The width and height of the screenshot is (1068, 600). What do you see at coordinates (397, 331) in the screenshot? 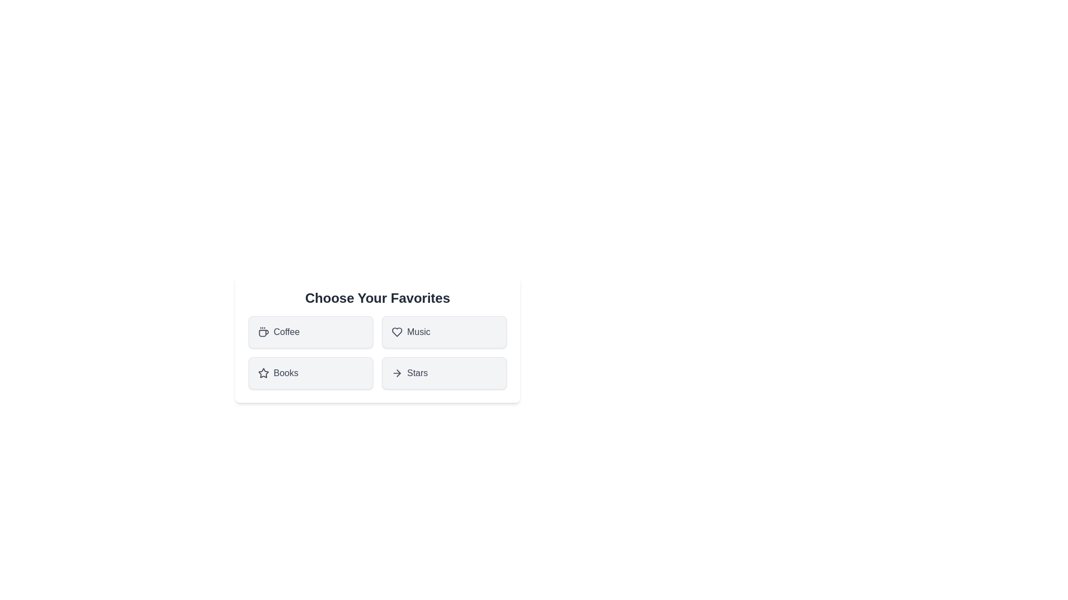
I see `the heart-shaped 'like' icon within the 'Music' button` at bounding box center [397, 331].